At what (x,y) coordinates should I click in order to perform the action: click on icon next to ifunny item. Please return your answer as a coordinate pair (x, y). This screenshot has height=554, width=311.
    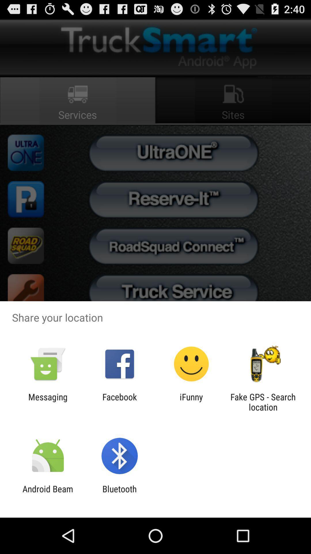
    Looking at the image, I should click on (119, 402).